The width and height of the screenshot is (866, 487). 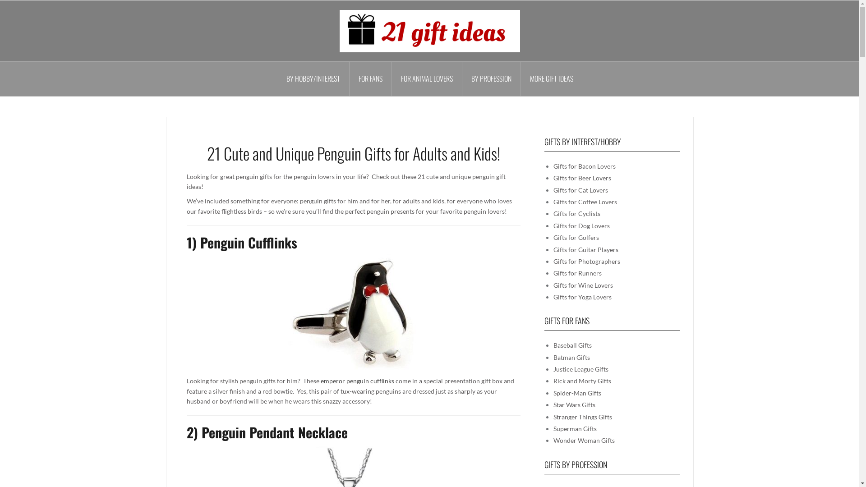 I want to click on 'Wonder Woman Gifts', so click(x=584, y=440).